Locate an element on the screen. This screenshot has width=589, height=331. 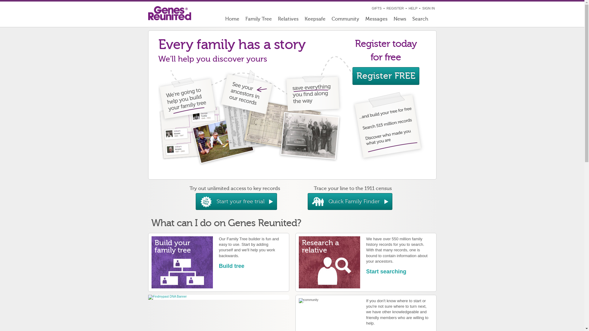
'Start searching' is located at coordinates (386, 271).